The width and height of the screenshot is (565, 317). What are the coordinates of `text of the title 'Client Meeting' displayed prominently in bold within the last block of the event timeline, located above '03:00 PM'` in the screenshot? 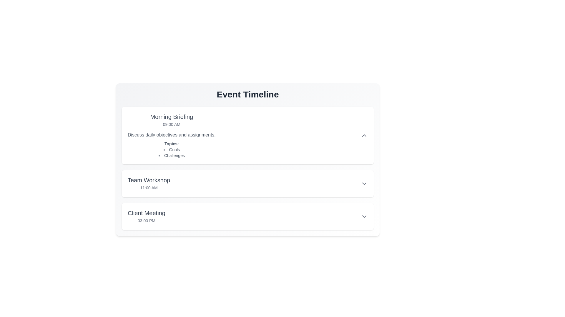 It's located at (146, 213).